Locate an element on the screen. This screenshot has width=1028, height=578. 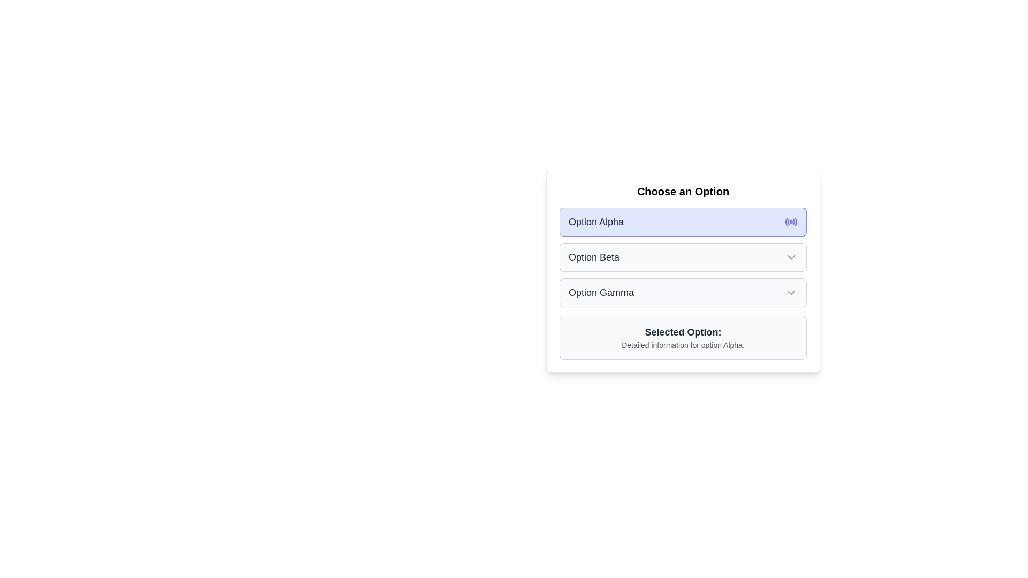
the dropdown arrow icon located to the right of the 'Option Beta' button is located at coordinates (791, 257).